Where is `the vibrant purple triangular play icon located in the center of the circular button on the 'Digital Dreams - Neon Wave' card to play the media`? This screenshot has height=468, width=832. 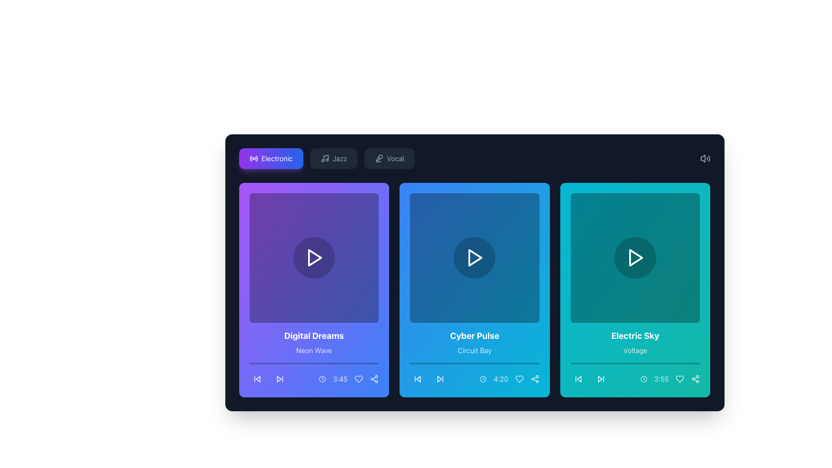
the vibrant purple triangular play icon located in the center of the circular button on the 'Digital Dreams - Neon Wave' card to play the media is located at coordinates (314, 257).